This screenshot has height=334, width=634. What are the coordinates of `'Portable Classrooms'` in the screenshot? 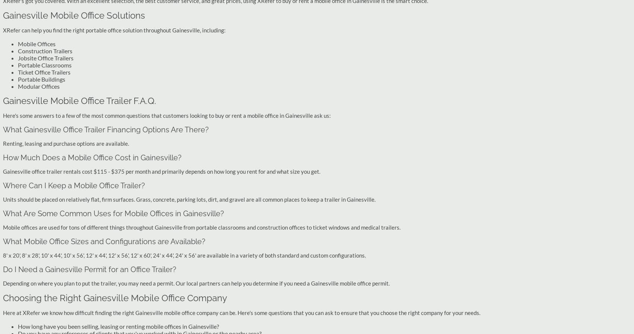 It's located at (44, 65).